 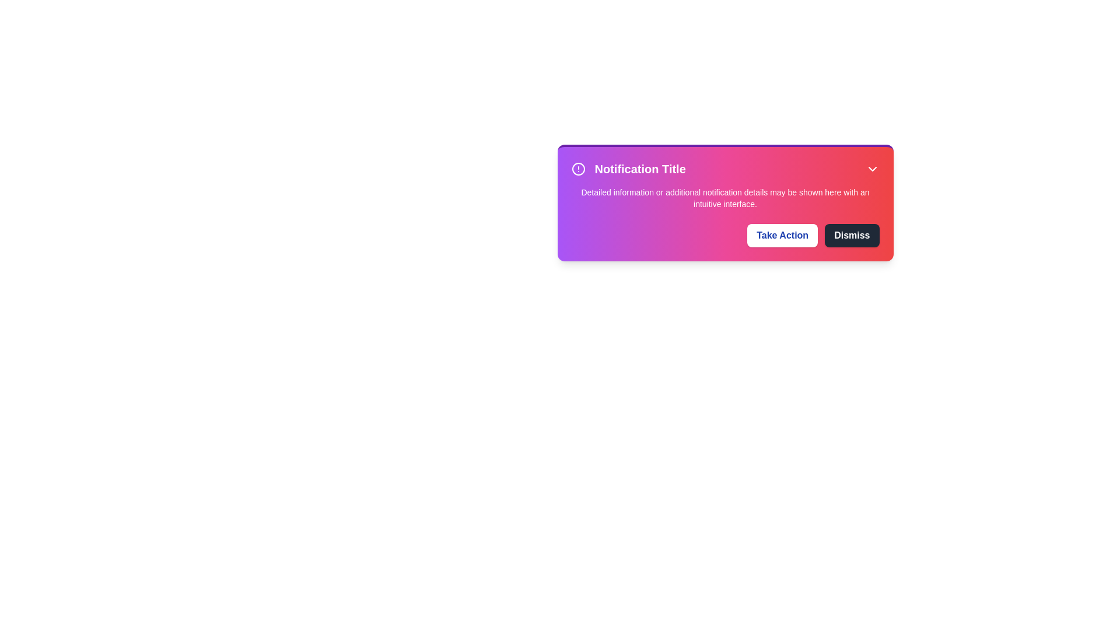 I want to click on 'Take Action' button to initiate the predefined action, so click(x=782, y=236).